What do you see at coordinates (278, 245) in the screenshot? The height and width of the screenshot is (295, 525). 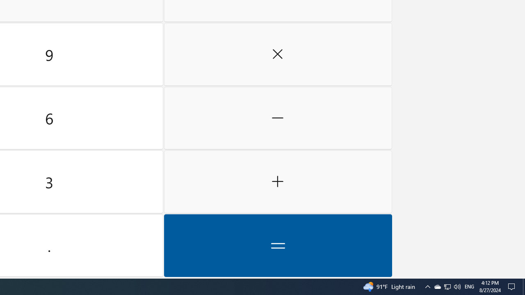 I see `'Equals'` at bounding box center [278, 245].